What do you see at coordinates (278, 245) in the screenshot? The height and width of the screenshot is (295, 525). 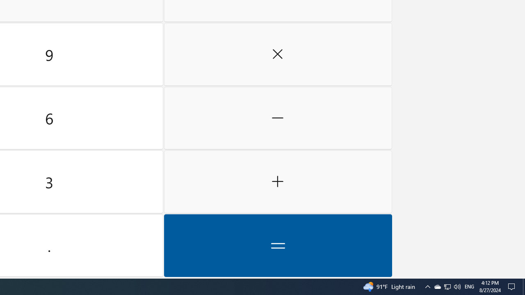 I see `'Equals'` at bounding box center [278, 245].